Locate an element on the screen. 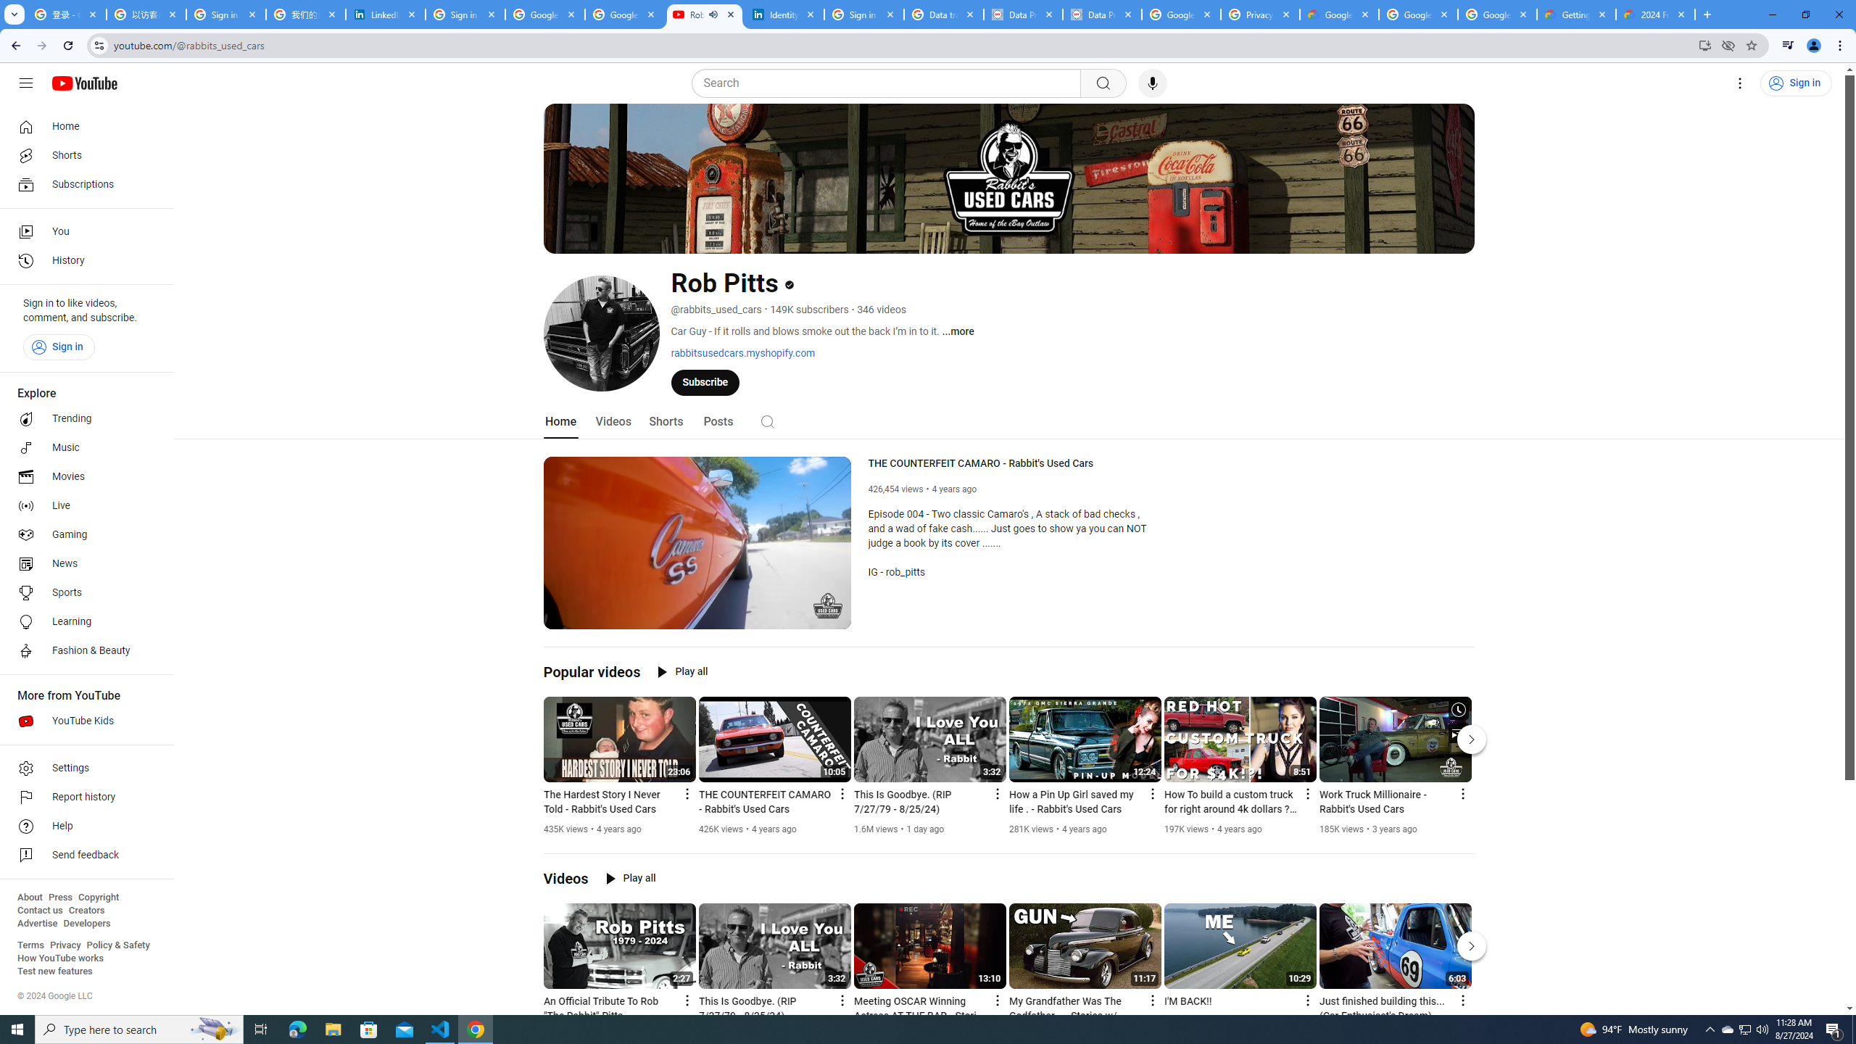 This screenshot has width=1856, height=1044. 'Press' is located at coordinates (59, 897).